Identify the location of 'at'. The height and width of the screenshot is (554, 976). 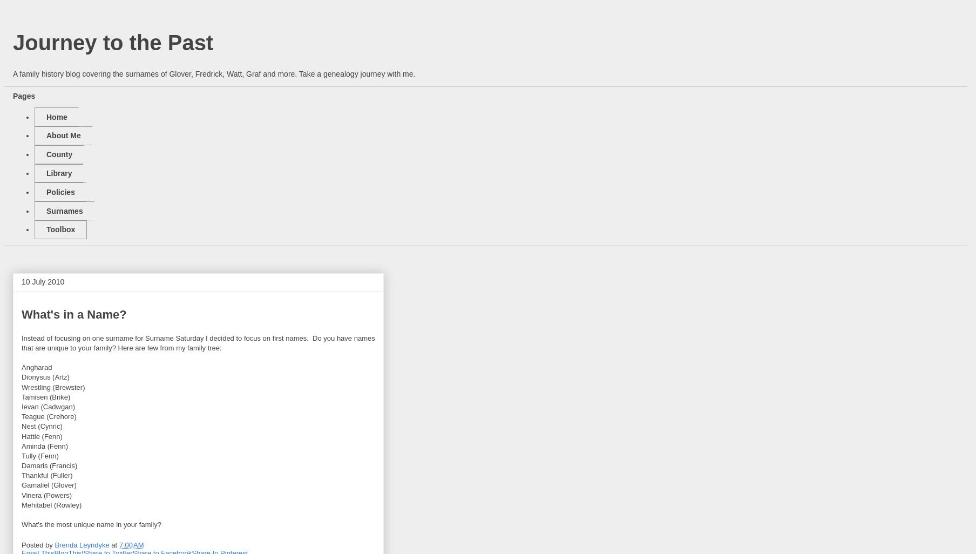
(114, 544).